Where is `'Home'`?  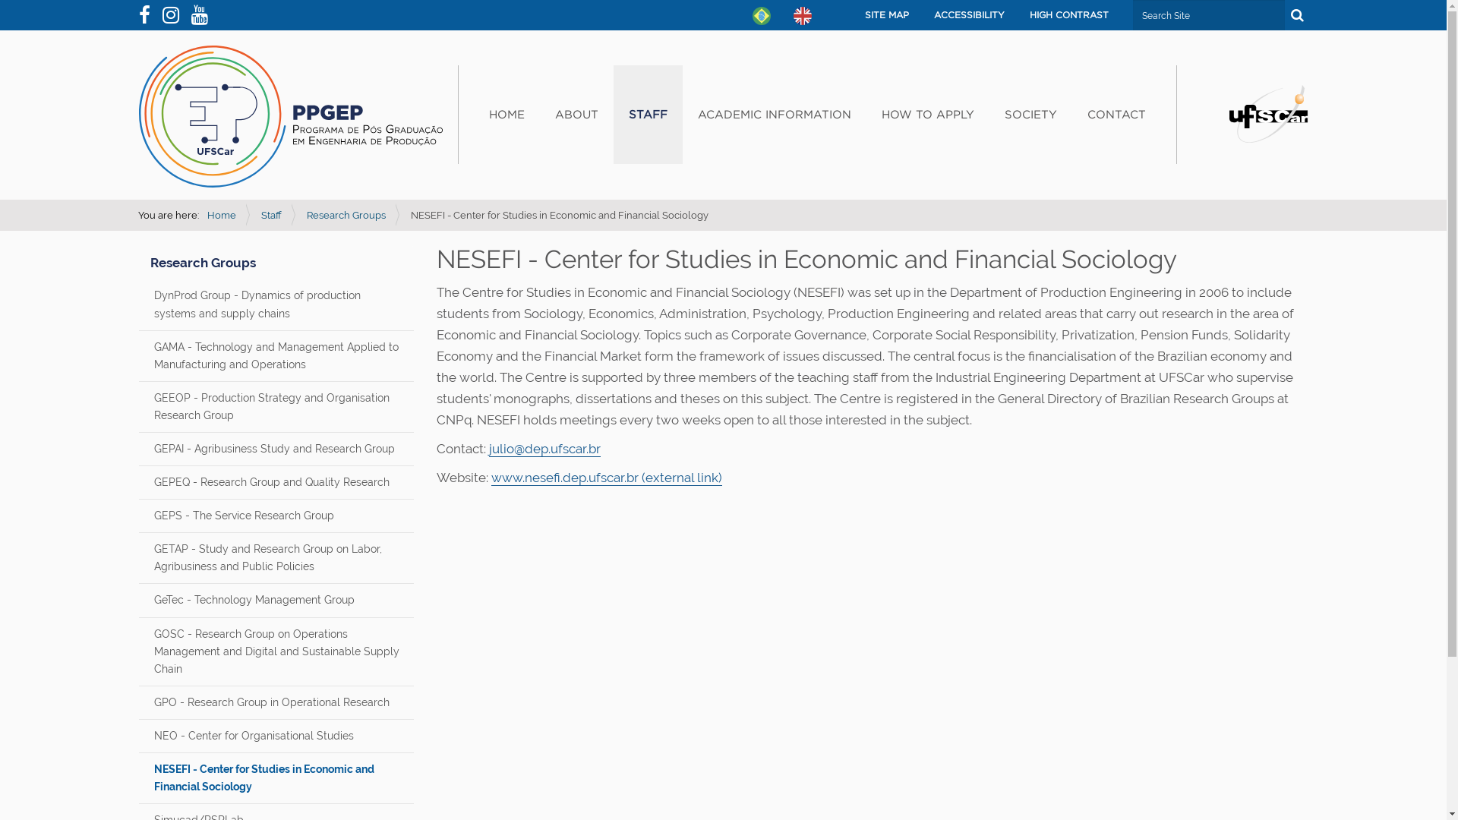 'Home' is located at coordinates (220, 215).